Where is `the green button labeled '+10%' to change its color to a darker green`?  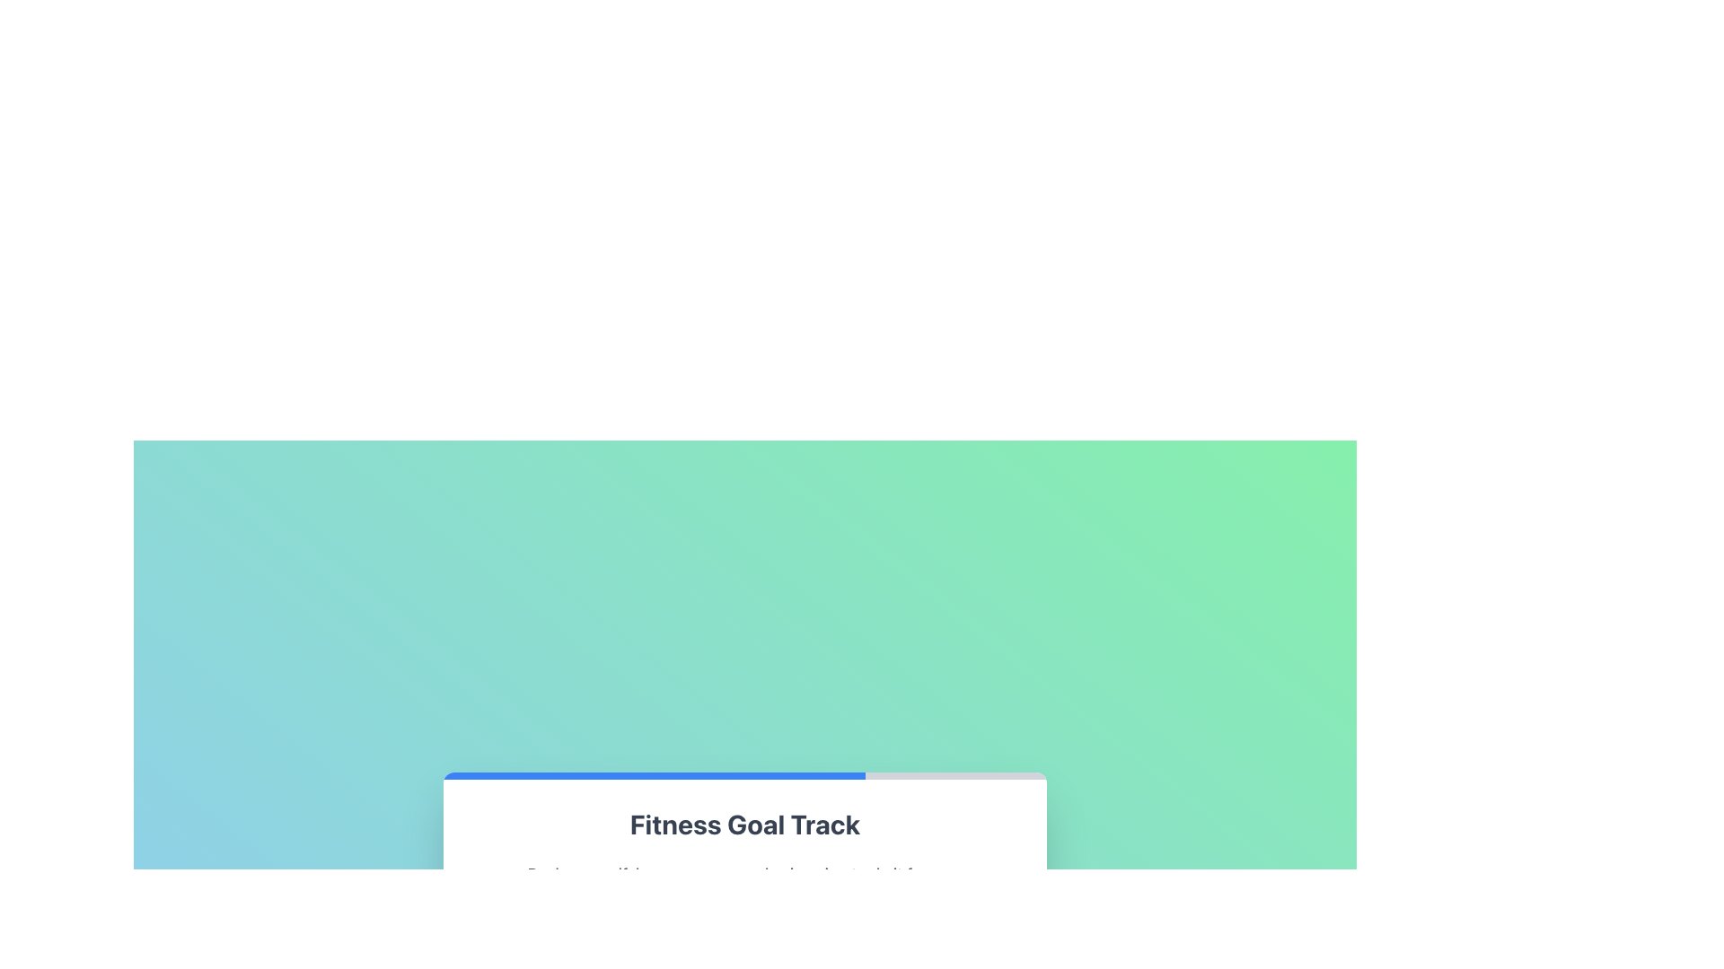 the green button labeled '+10%' to change its color to a darker green is located at coordinates (780, 920).